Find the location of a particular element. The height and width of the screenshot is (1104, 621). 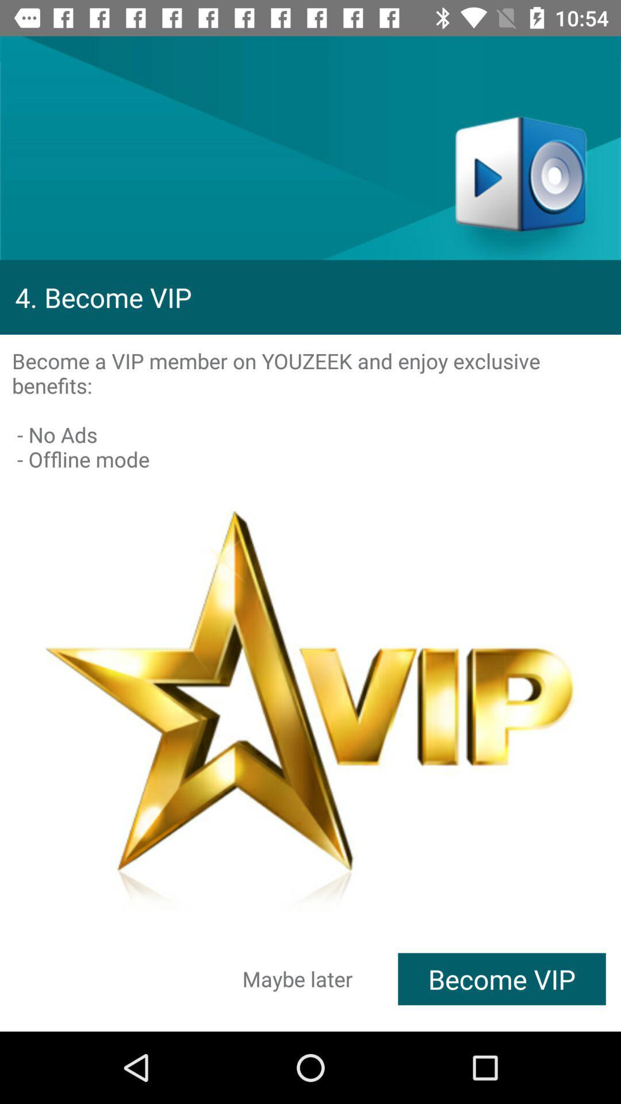

the maybe later icon is located at coordinates (297, 978).